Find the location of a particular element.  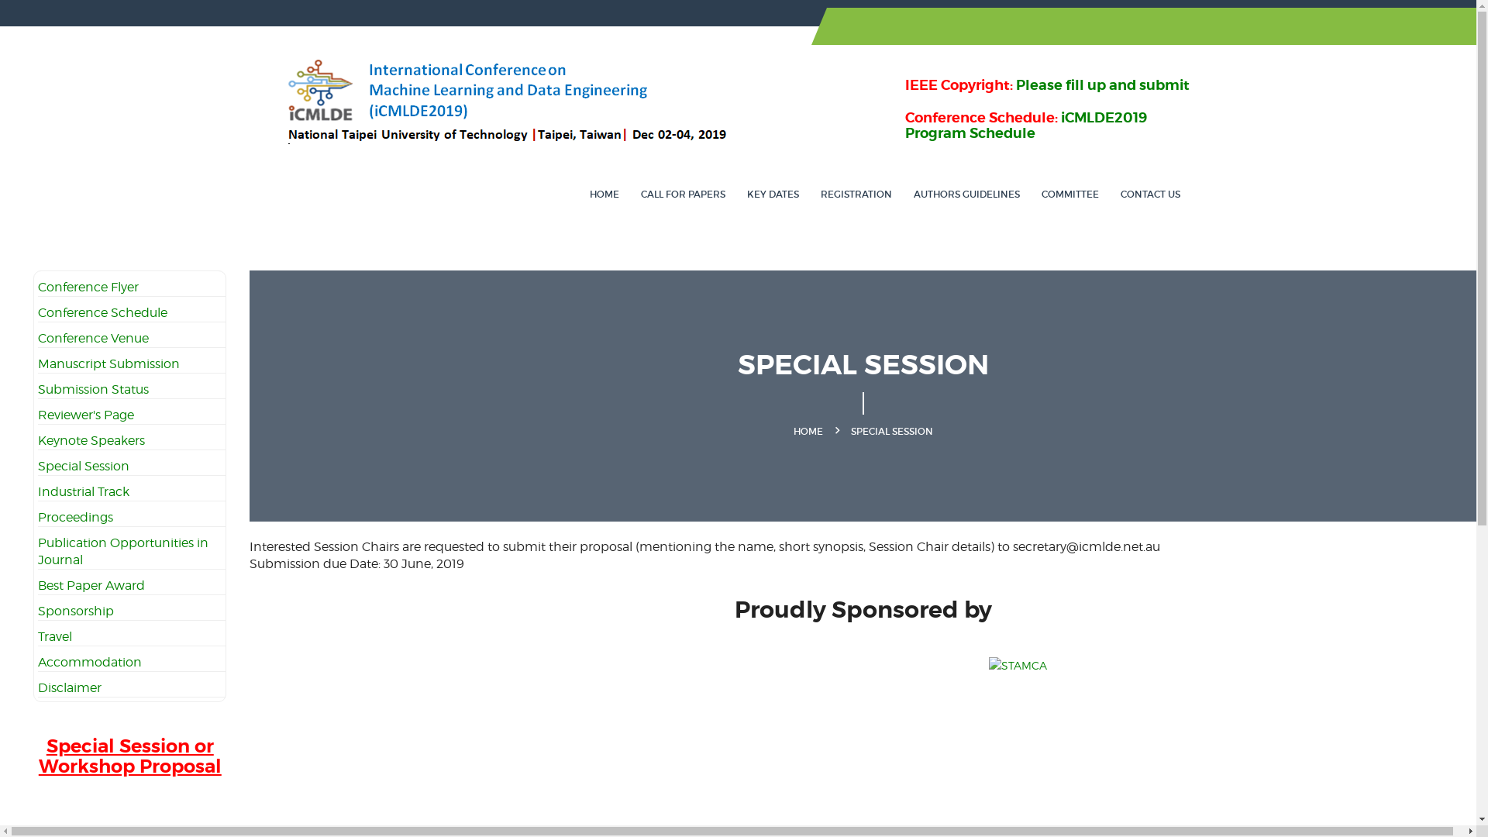

'CALL FOR PAPERS' is located at coordinates (682, 193).